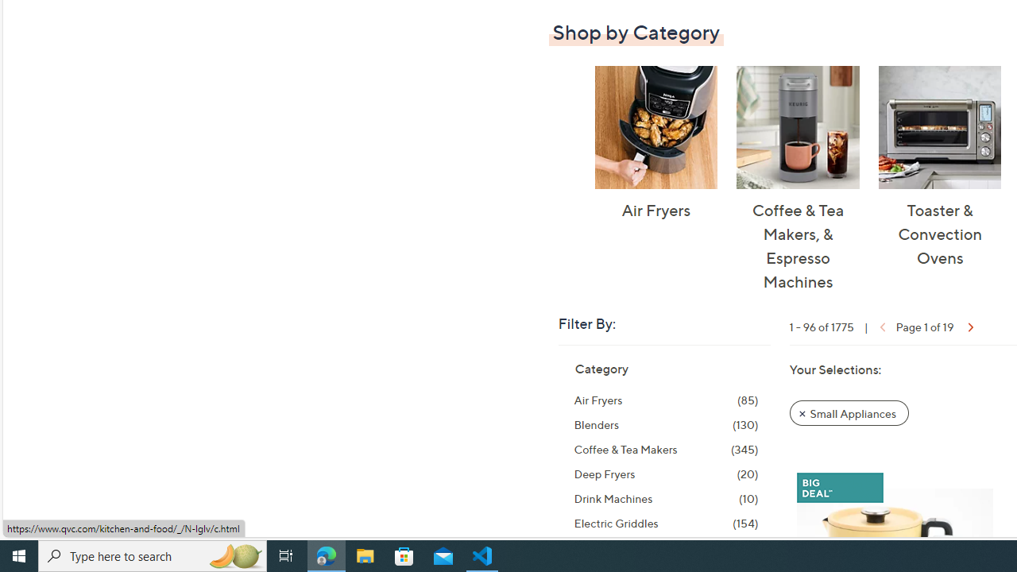 This screenshot has height=572, width=1017. I want to click on 'Remove Filter: Small Appliances', so click(848, 412).